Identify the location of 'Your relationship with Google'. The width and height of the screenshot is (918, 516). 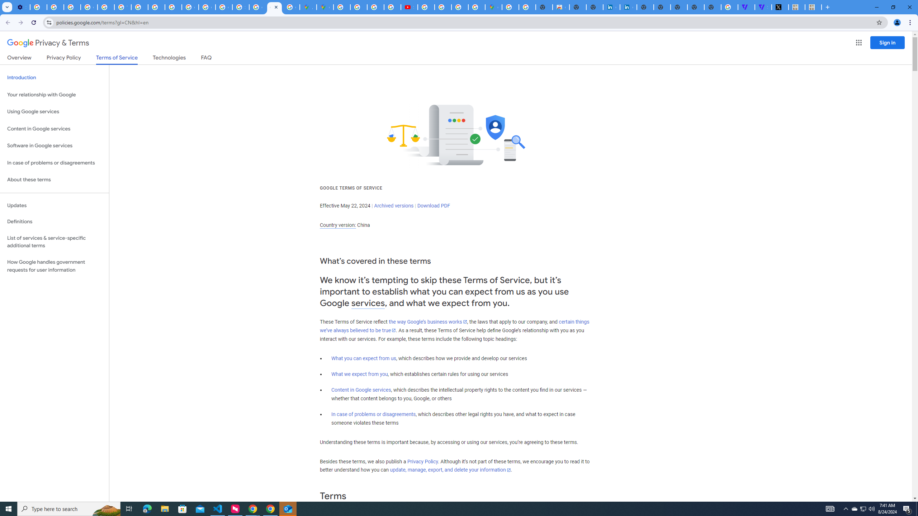
(54, 95).